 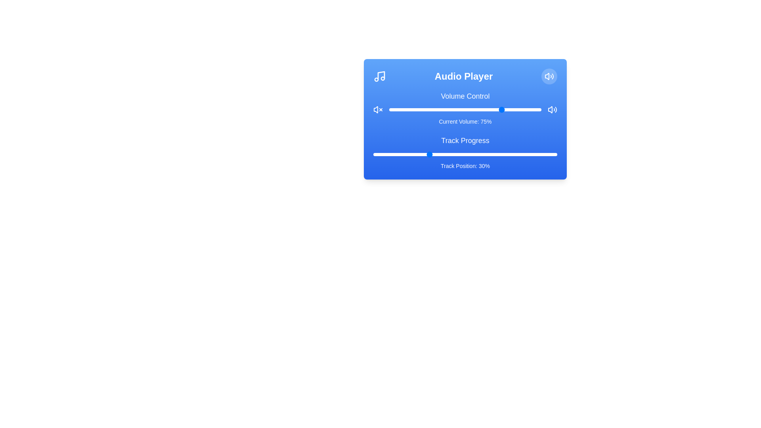 What do you see at coordinates (465, 154) in the screenshot?
I see `the blue circular thumb of the progress bar located in the 'Track Progress' section of the 'Audio Player' interface` at bounding box center [465, 154].